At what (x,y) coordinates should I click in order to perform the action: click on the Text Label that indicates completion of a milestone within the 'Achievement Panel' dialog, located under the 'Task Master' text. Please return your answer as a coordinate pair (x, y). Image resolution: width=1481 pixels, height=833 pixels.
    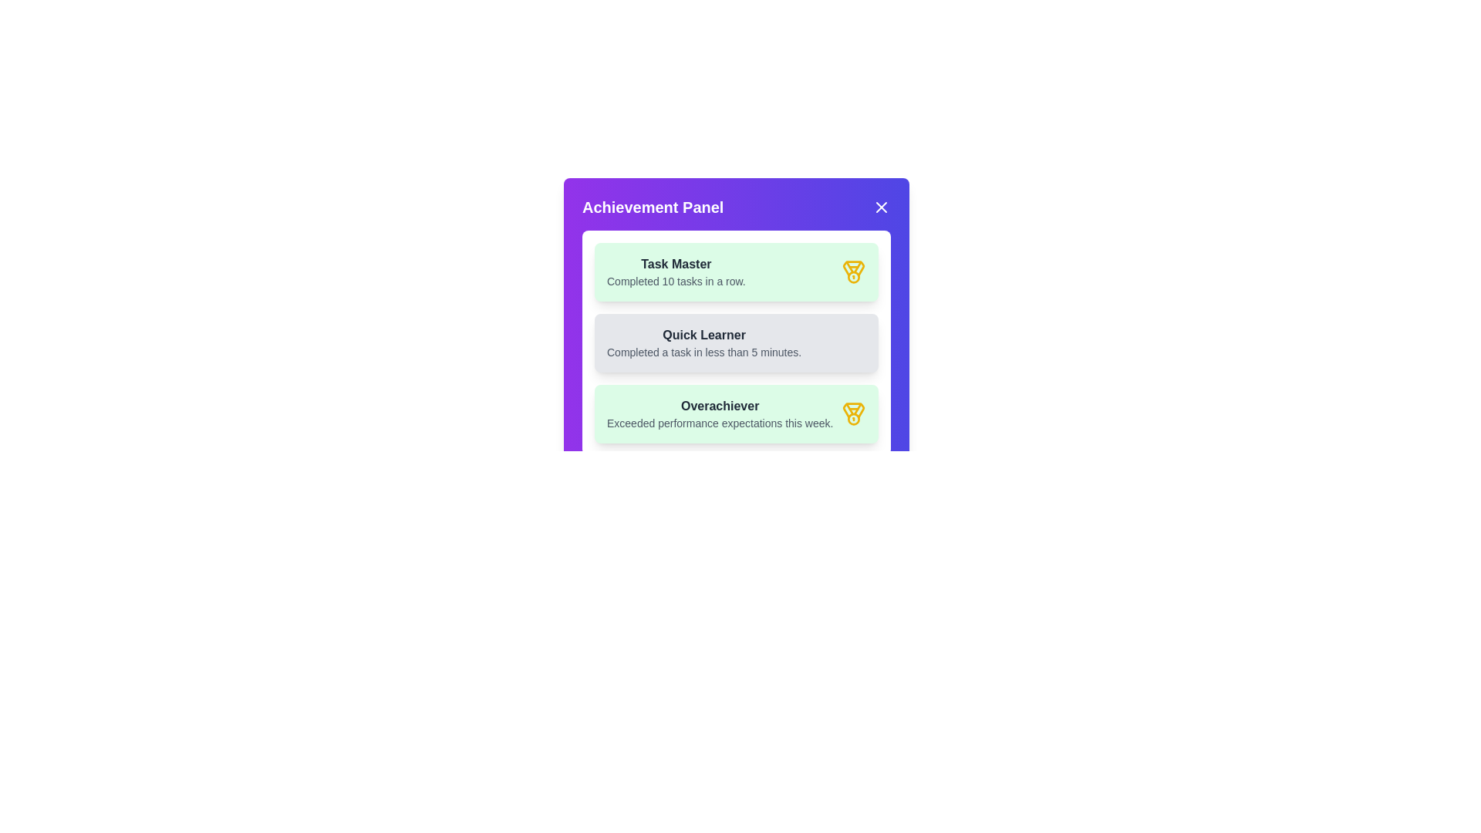
    Looking at the image, I should click on (676, 282).